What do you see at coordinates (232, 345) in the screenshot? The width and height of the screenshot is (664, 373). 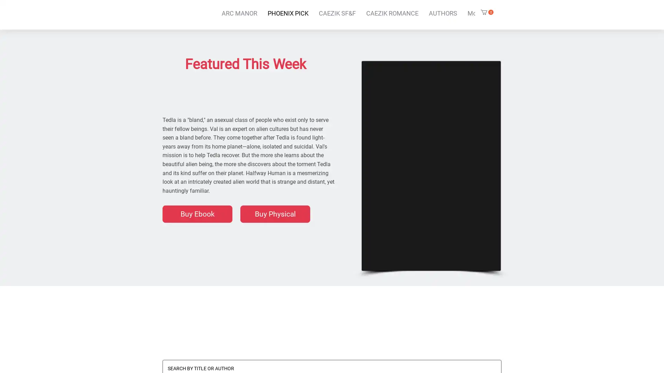 I see `ANTHOLOGIES` at bounding box center [232, 345].